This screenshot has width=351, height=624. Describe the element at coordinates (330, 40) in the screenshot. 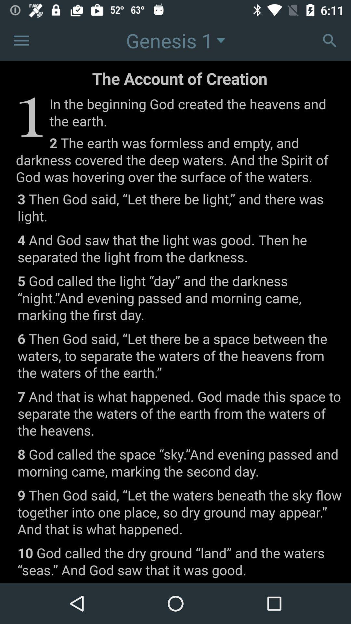

I see `the search icon` at that location.